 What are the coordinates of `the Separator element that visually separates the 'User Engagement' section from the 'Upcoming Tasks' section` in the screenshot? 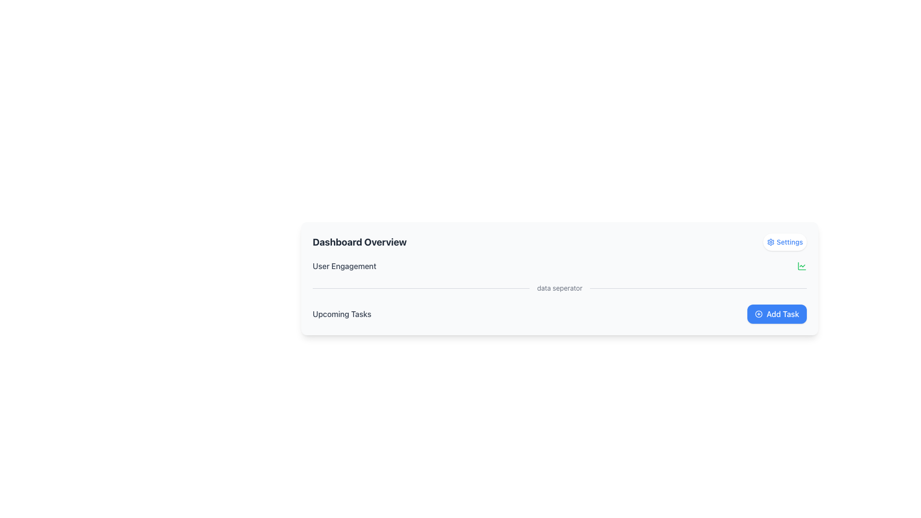 It's located at (559, 288).